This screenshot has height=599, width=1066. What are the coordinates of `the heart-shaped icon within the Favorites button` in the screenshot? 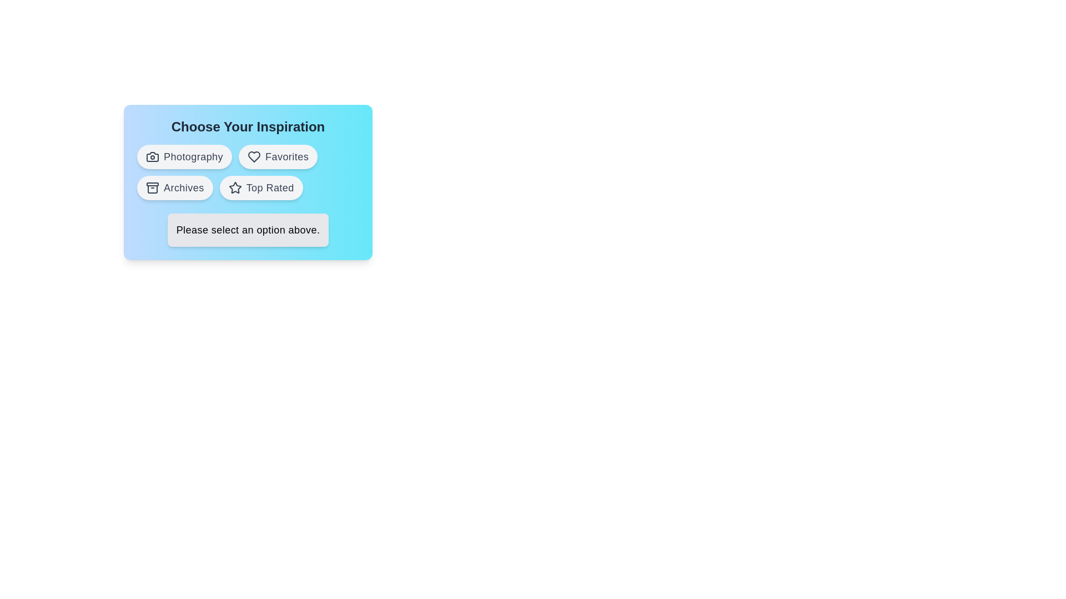 It's located at (254, 156).